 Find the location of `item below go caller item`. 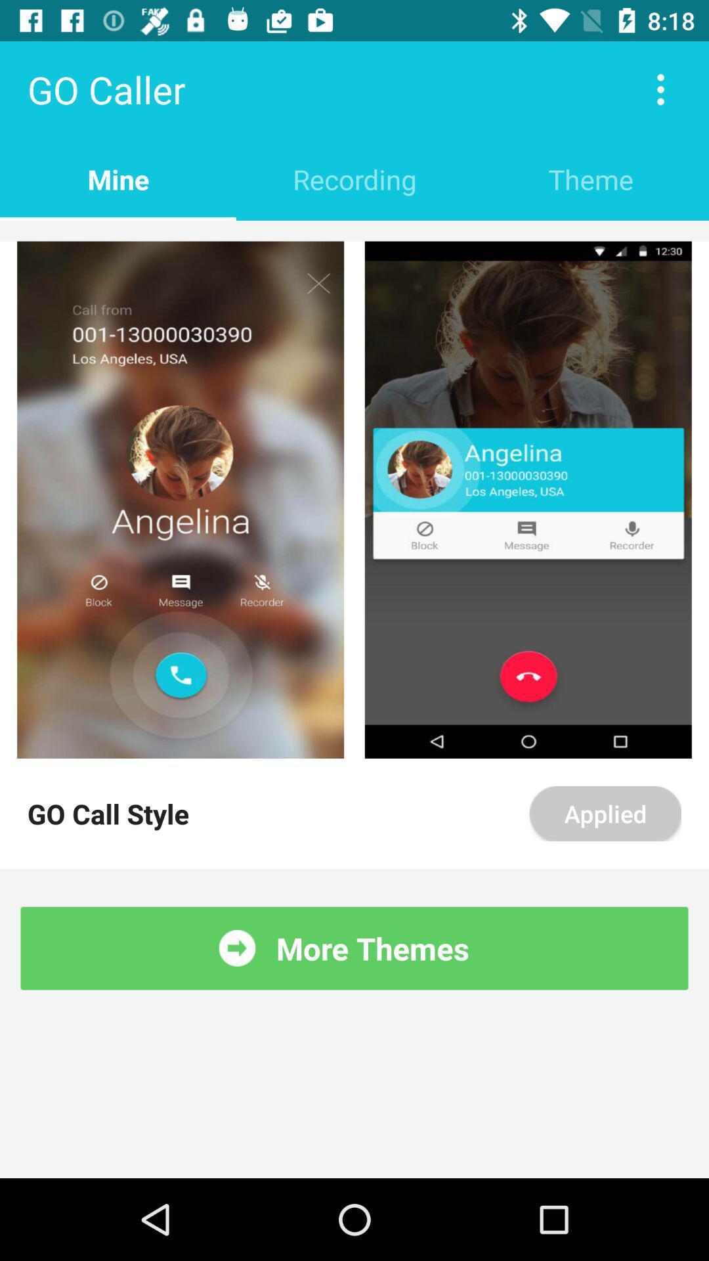

item below go caller item is located at coordinates (118, 179).